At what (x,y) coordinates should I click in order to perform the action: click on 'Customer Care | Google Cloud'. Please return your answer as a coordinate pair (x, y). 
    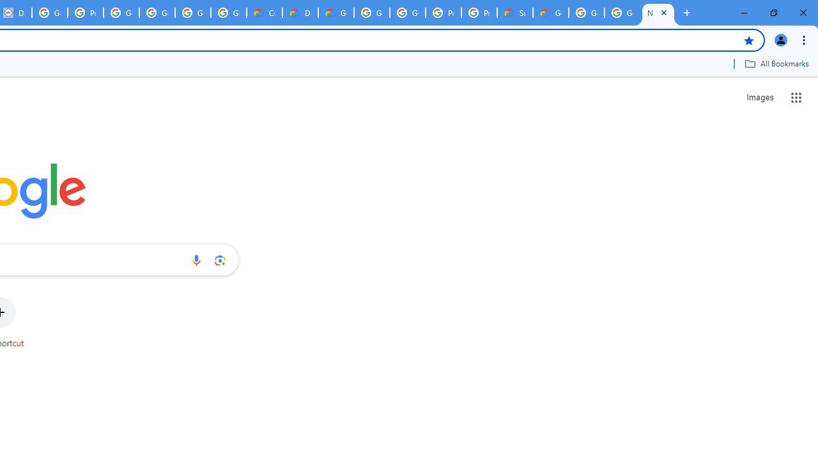
    Looking at the image, I should click on (264, 13).